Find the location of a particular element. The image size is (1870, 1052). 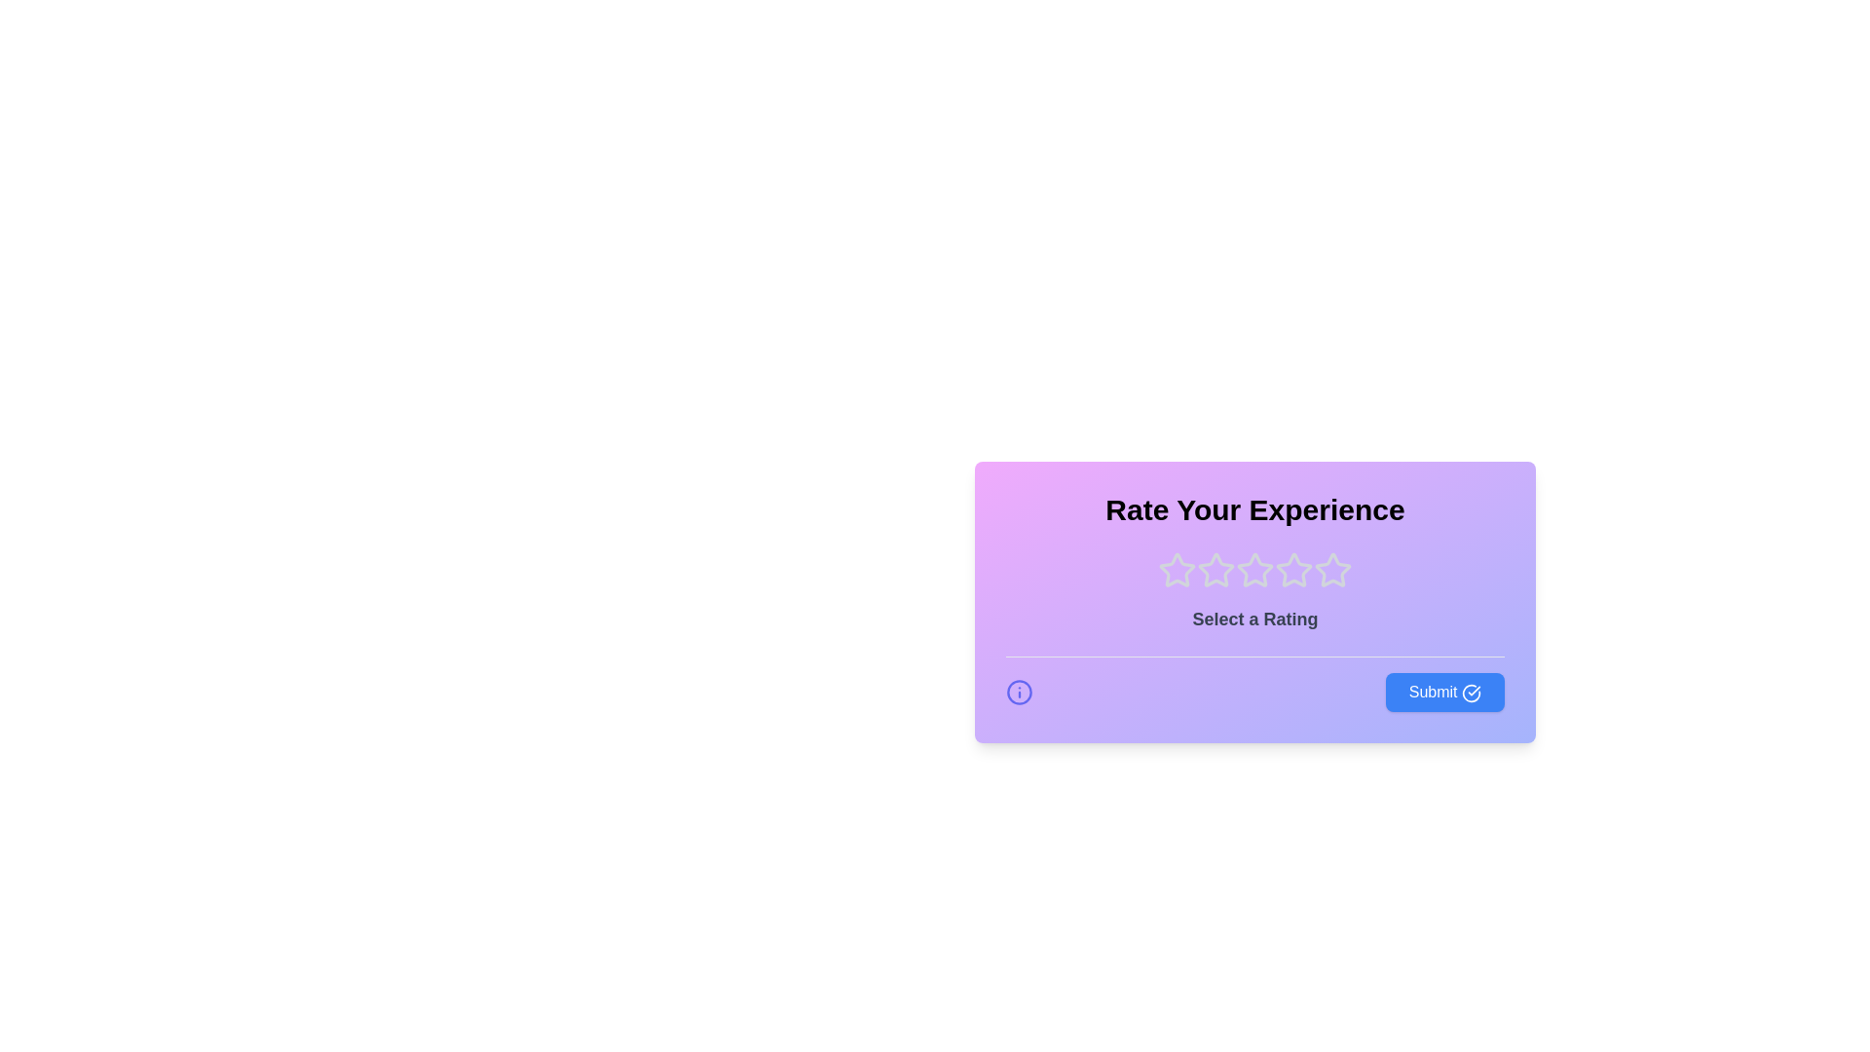

the submit button to submit the feedback is located at coordinates (1444, 691).